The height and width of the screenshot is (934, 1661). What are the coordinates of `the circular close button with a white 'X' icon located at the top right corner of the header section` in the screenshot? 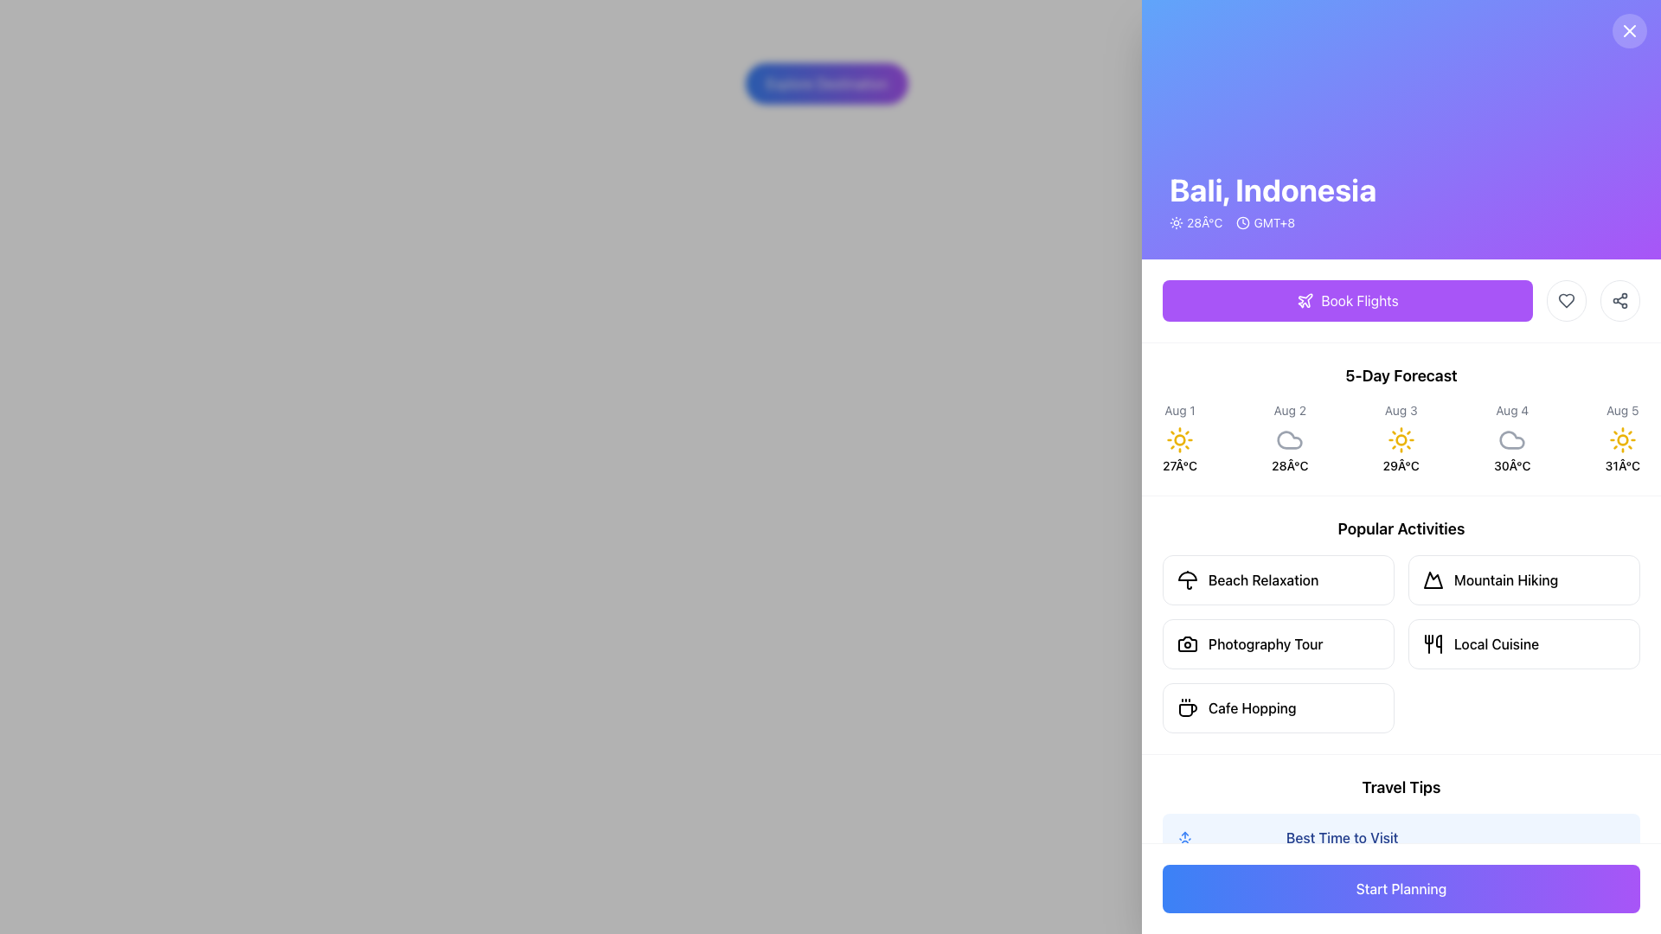 It's located at (1628, 30).